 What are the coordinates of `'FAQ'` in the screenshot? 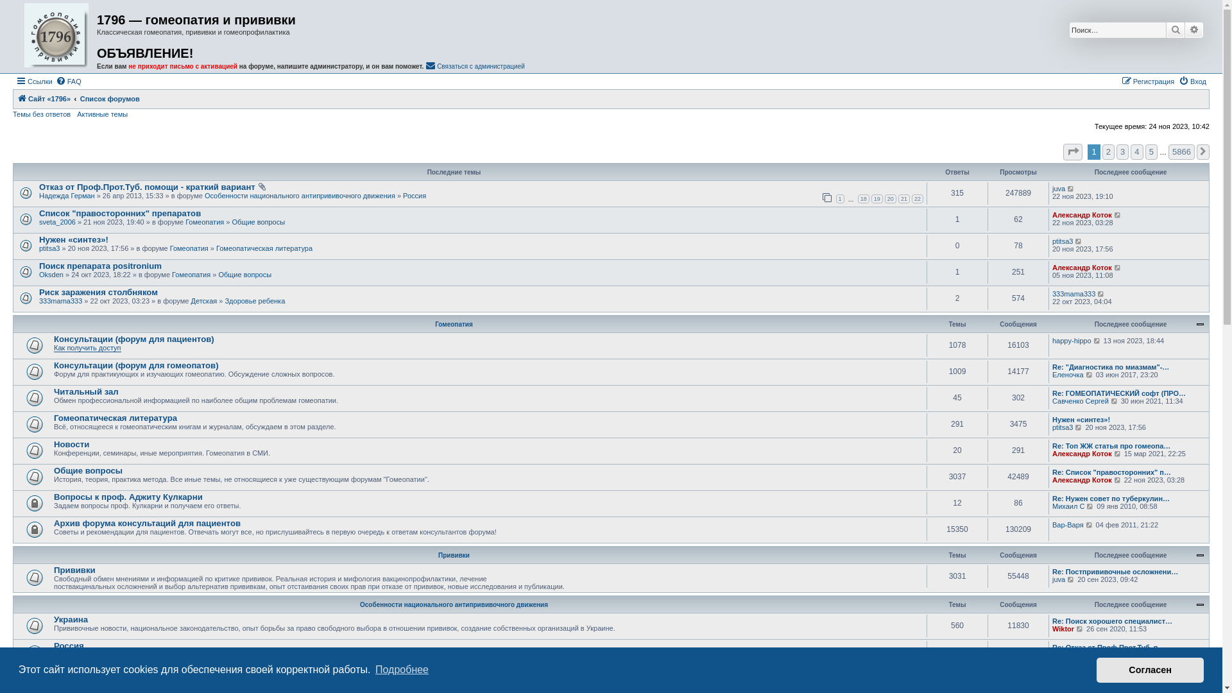 It's located at (67, 81).